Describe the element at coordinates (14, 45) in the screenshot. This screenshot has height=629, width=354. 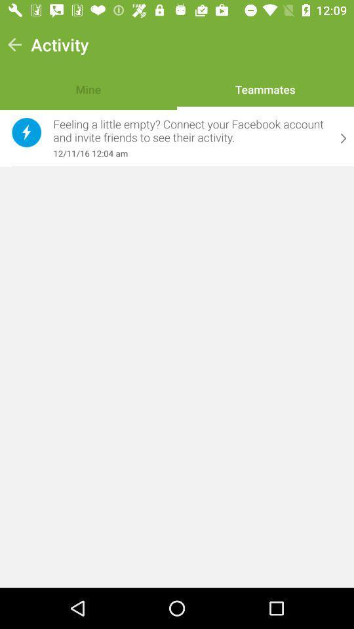
I see `the item to the left of activity icon` at that location.